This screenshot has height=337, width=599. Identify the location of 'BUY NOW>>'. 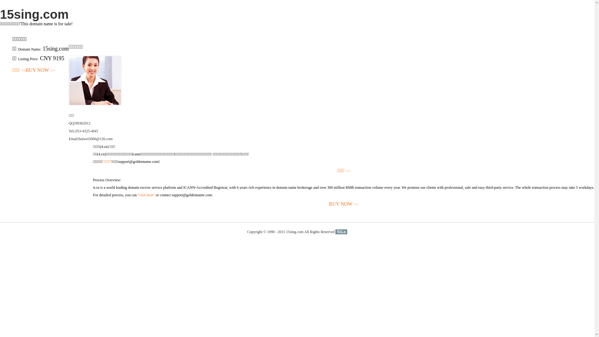
(40, 70).